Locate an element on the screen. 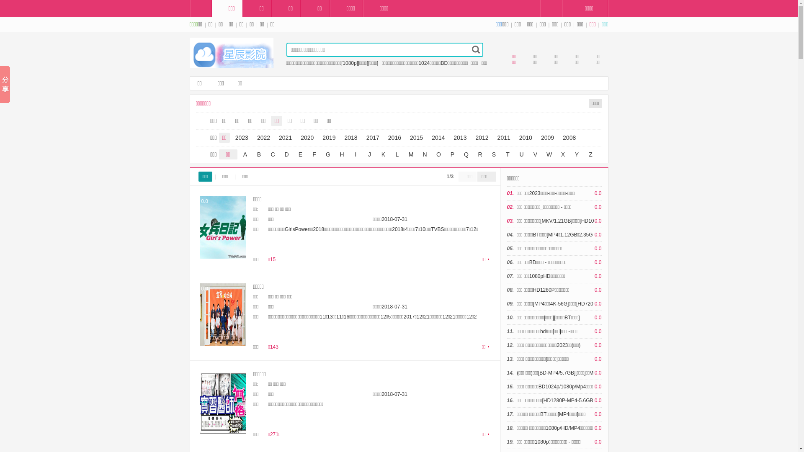  'G' is located at coordinates (327, 154).